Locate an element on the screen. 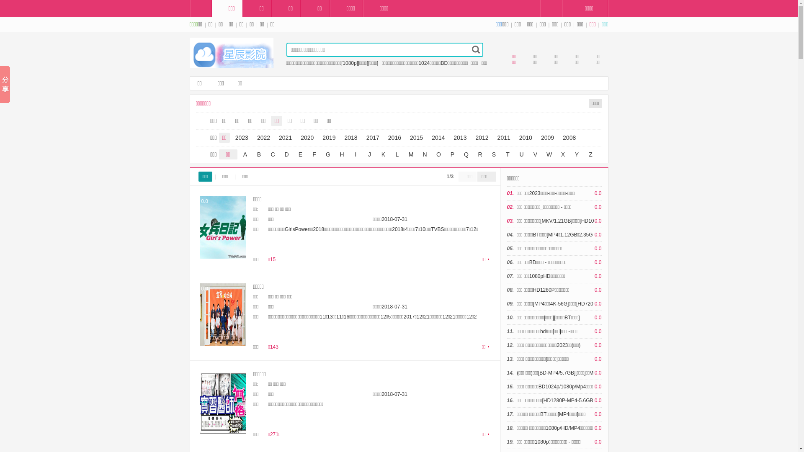  'G' is located at coordinates (327, 154).